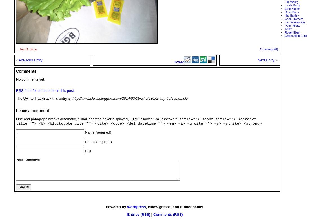 The width and height of the screenshot is (310, 220). What do you see at coordinates (19, 98) in the screenshot?
I see `'The'` at bounding box center [19, 98].